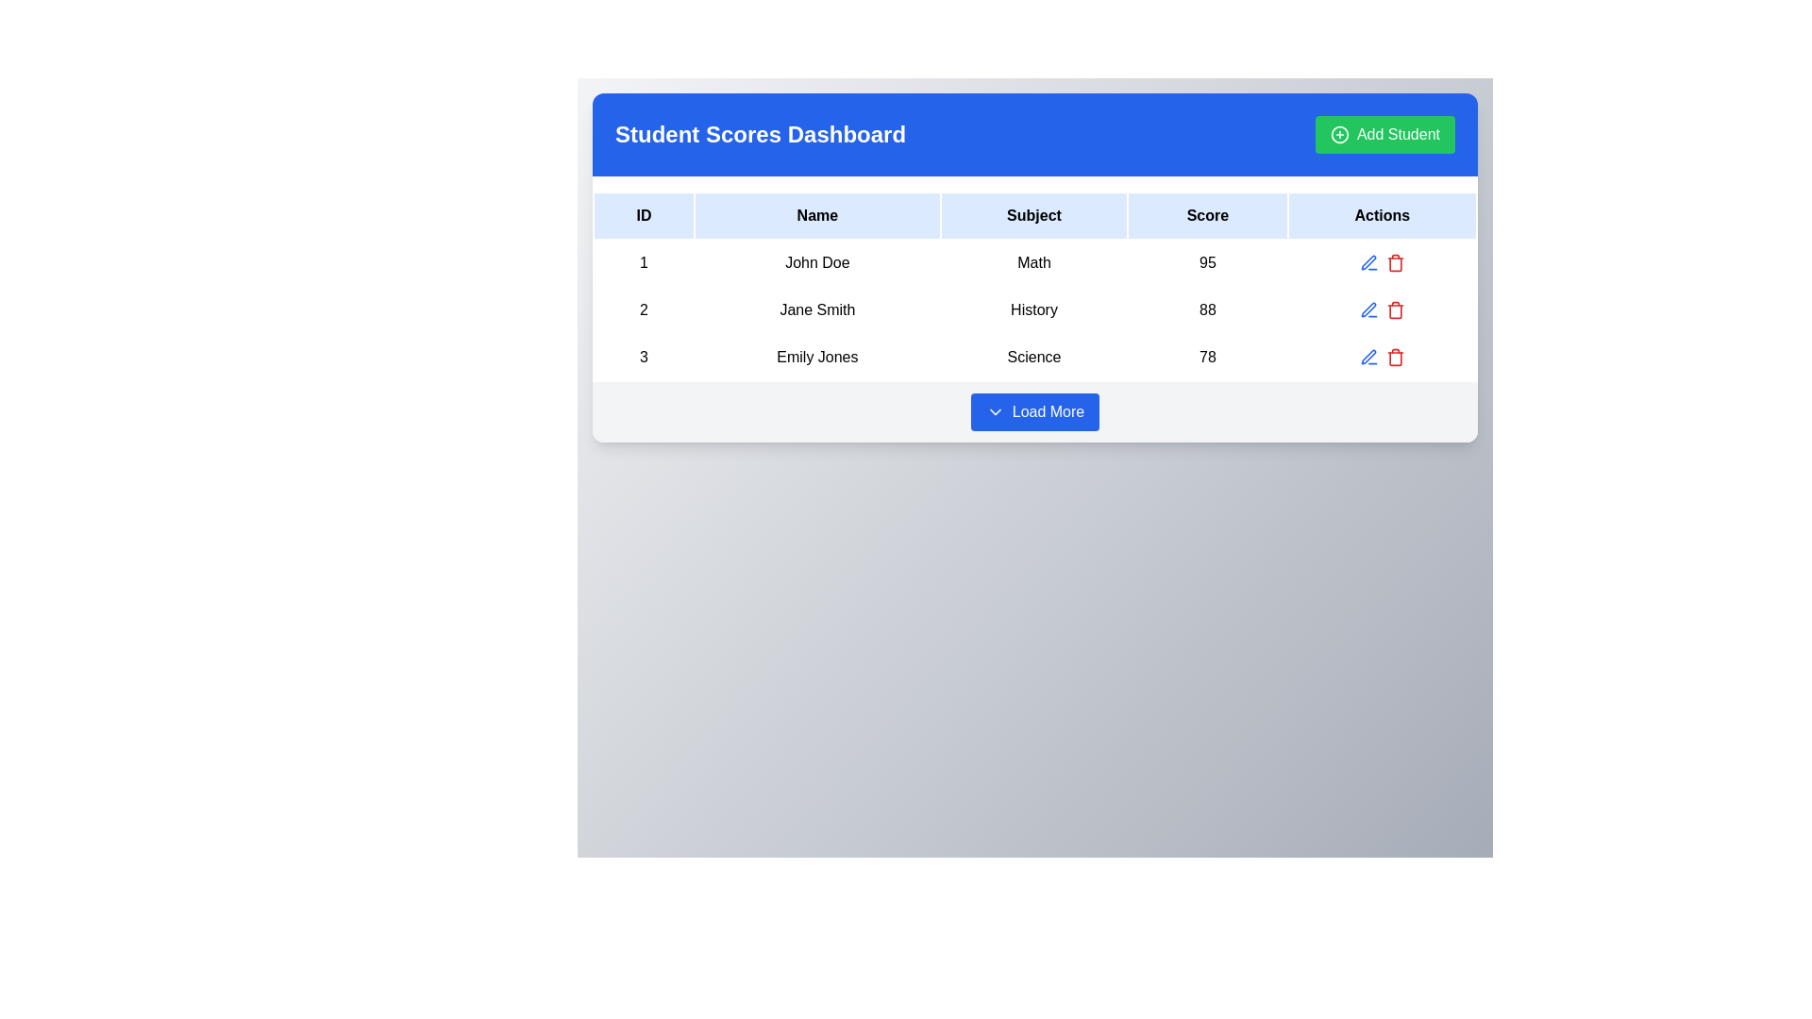 The height and width of the screenshot is (1019, 1812). Describe the element at coordinates (1338, 133) in the screenshot. I see `the circular '+' icon within the 'Add Student' button located in the top-right corner of the dashboard header area` at that location.